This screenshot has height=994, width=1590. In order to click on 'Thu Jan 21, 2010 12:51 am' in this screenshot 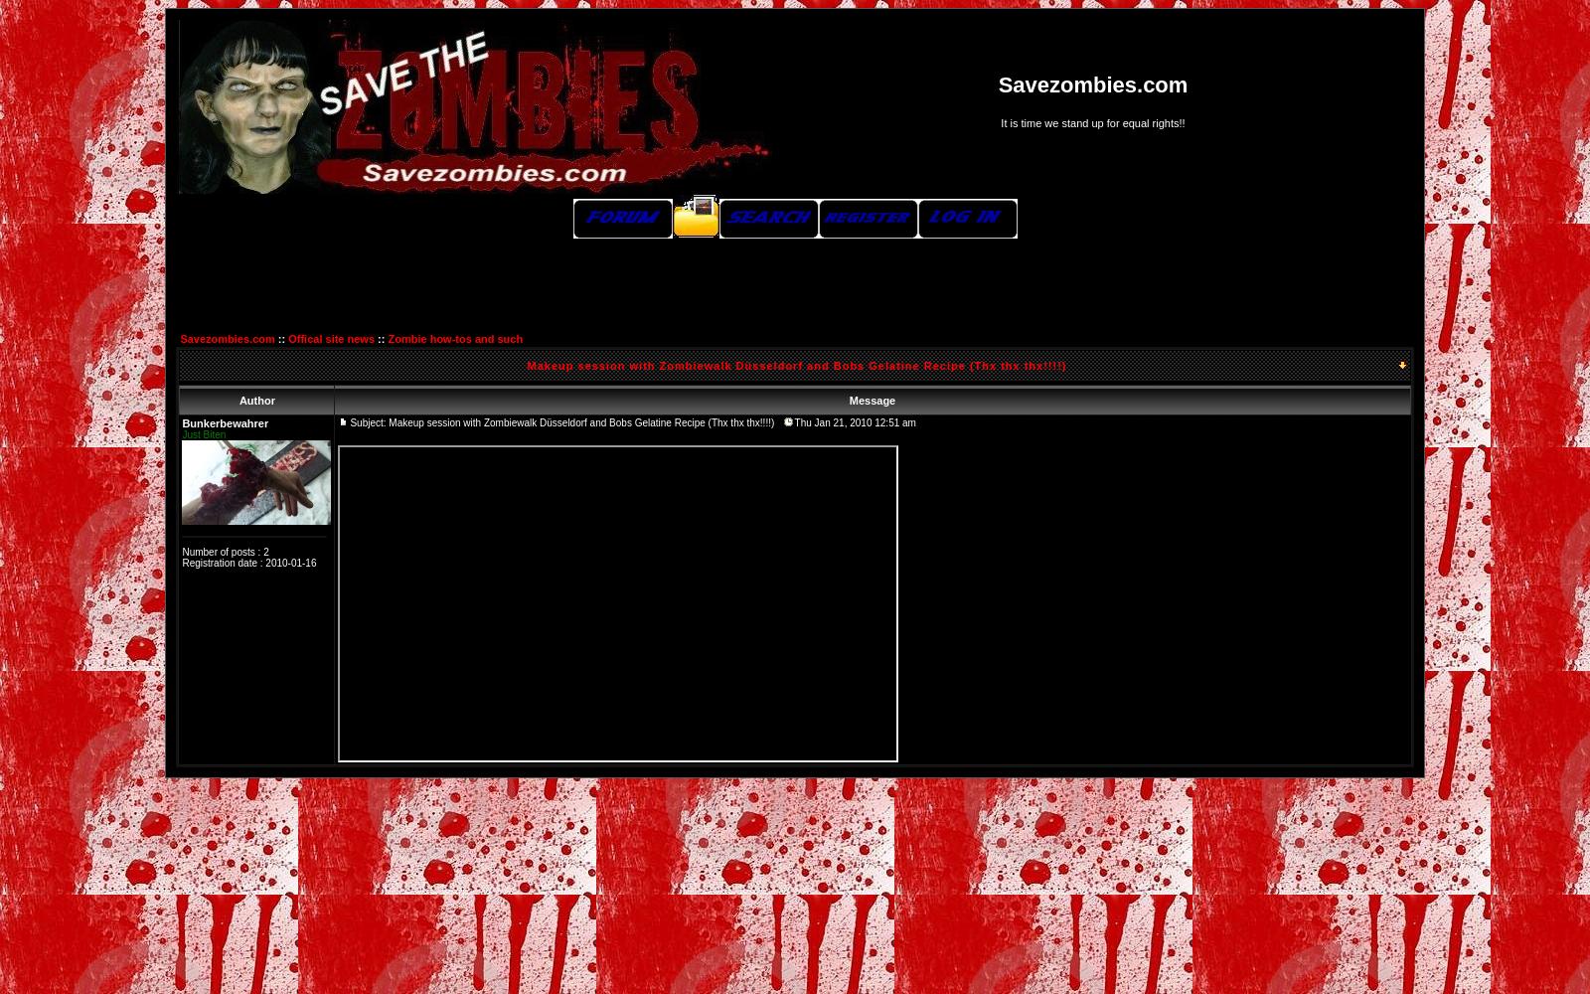, I will do `click(854, 422)`.